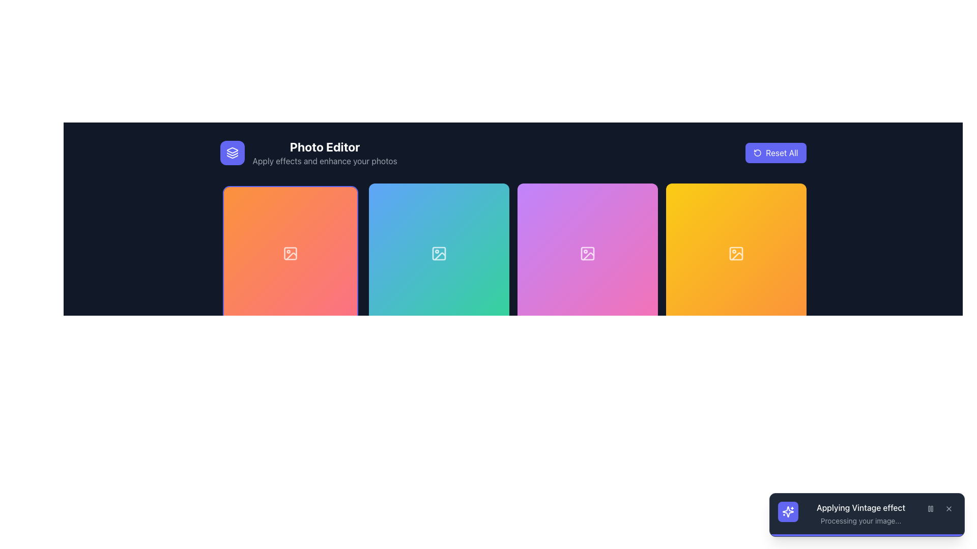 The height and width of the screenshot is (549, 977). Describe the element at coordinates (758, 152) in the screenshot. I see `the SVG graphic element representing the reset action, located in the top-right corner of the navigation bar next to the 'Reset All' text` at that location.